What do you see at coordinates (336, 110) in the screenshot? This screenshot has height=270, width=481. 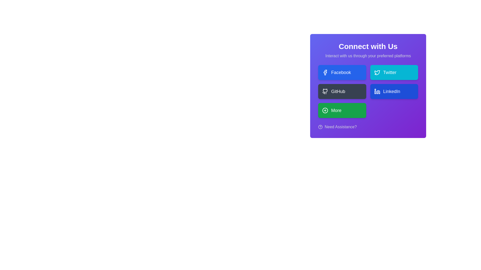 I see `the 'More' button, which is styled with white text on a bright green background and is part of the 'Connect with Us' section` at bounding box center [336, 110].